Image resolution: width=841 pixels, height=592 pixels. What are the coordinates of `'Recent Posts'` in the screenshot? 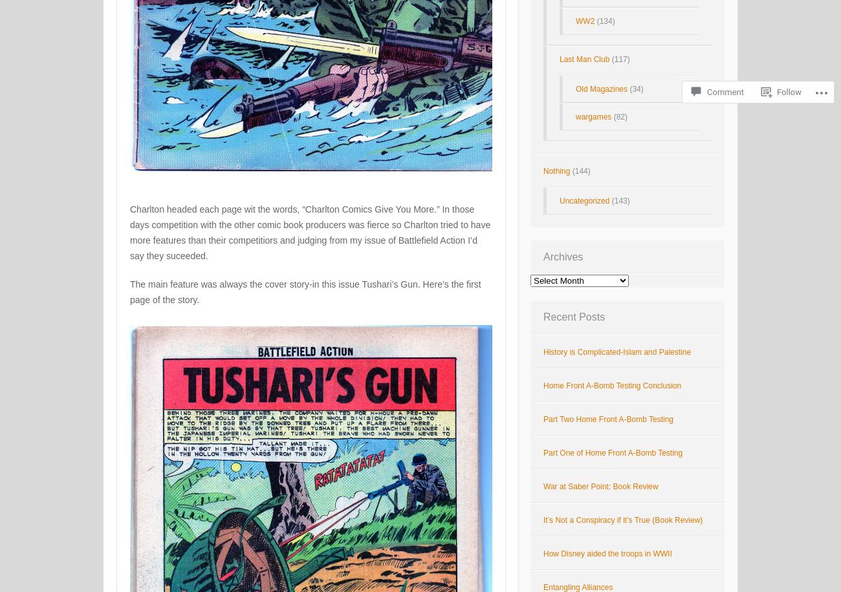 It's located at (543, 317).